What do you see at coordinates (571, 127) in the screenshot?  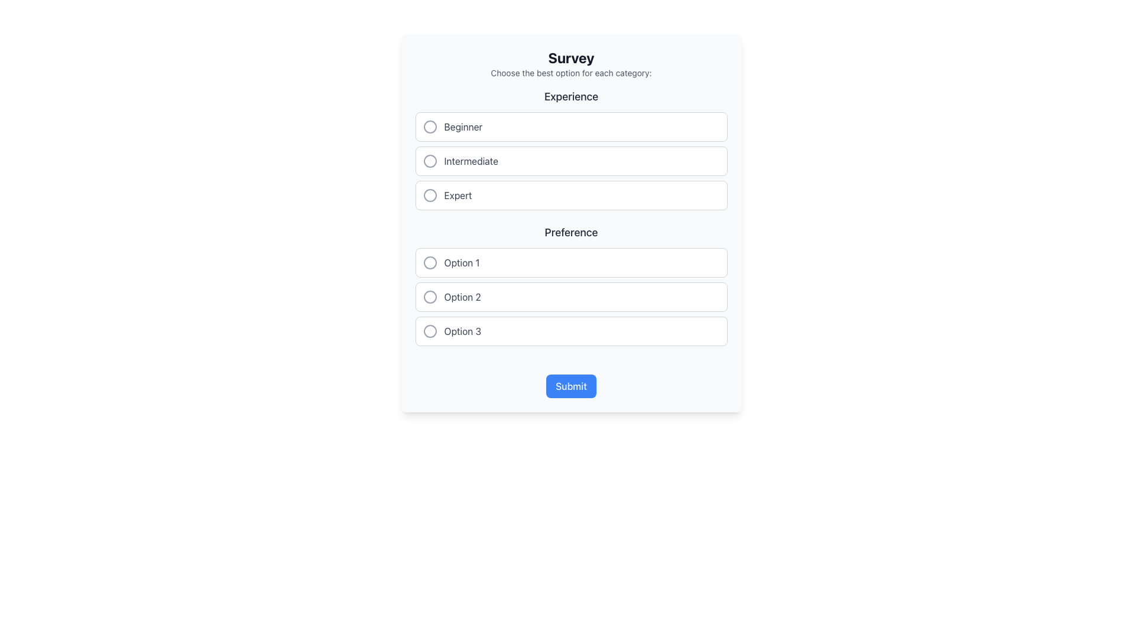 I see `the 'Beginner' experience level option in the vertical list under the 'Experience' category` at bounding box center [571, 127].